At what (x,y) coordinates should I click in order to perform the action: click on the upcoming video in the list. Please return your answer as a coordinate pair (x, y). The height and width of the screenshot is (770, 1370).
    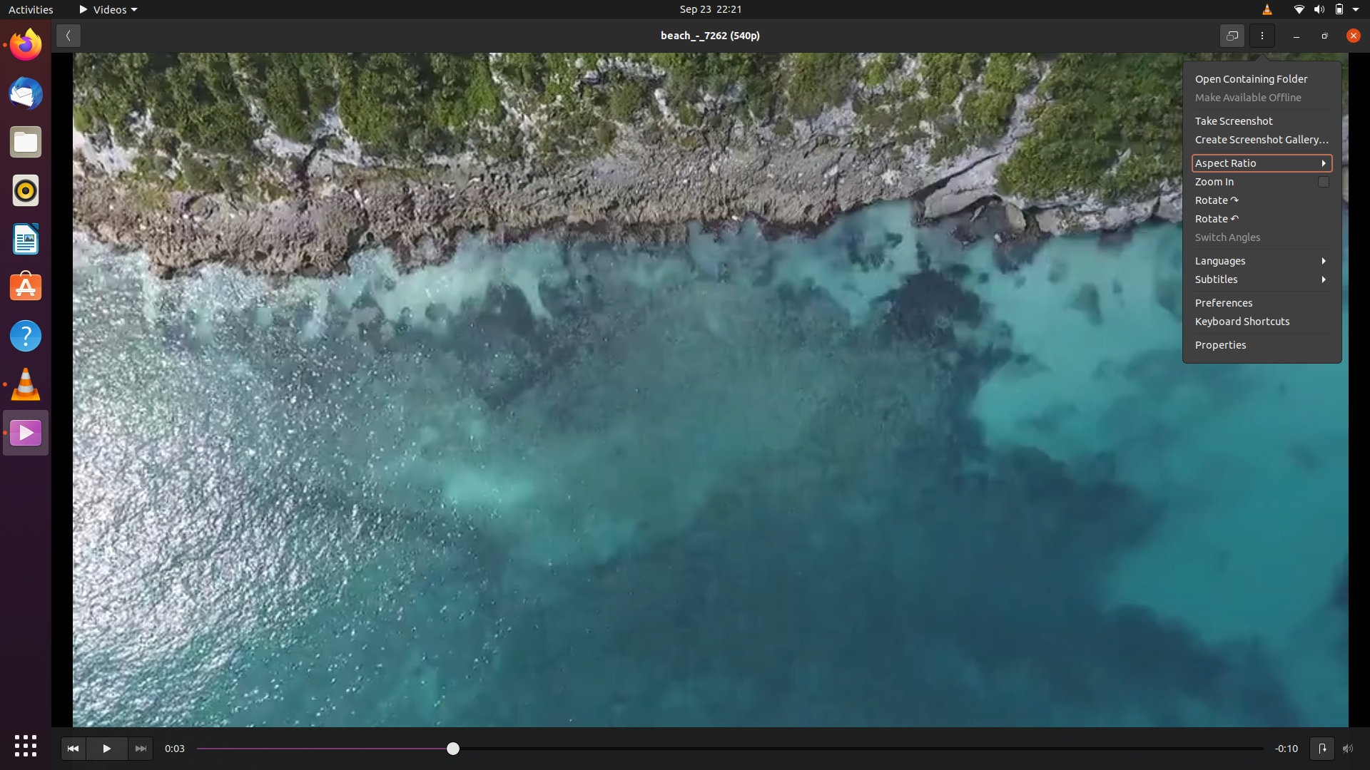
    Looking at the image, I should click on (140, 747).